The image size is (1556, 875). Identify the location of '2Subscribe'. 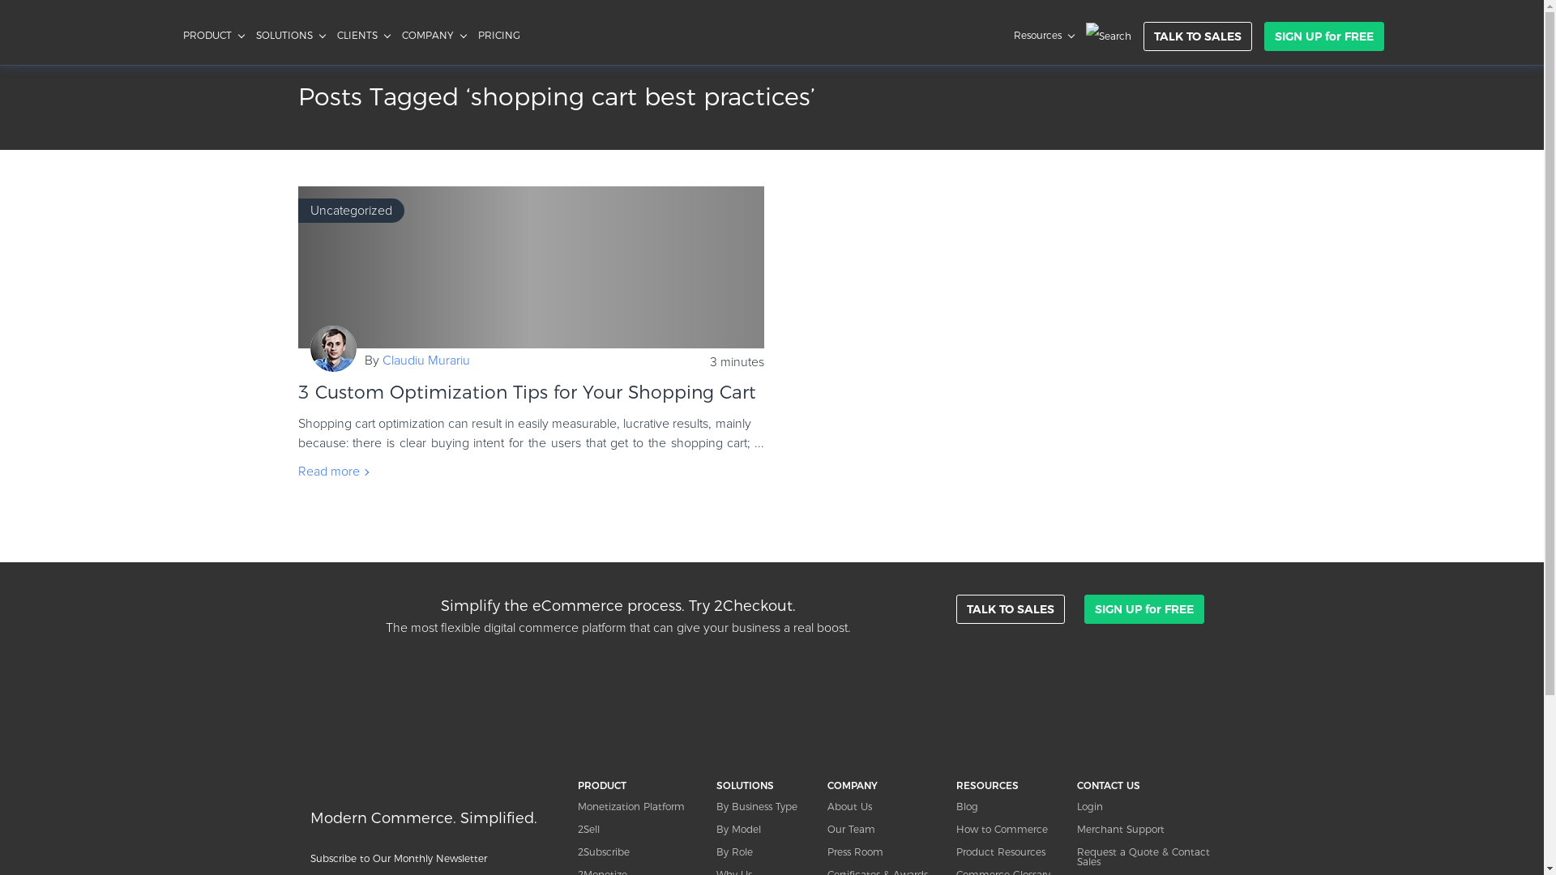
(637, 852).